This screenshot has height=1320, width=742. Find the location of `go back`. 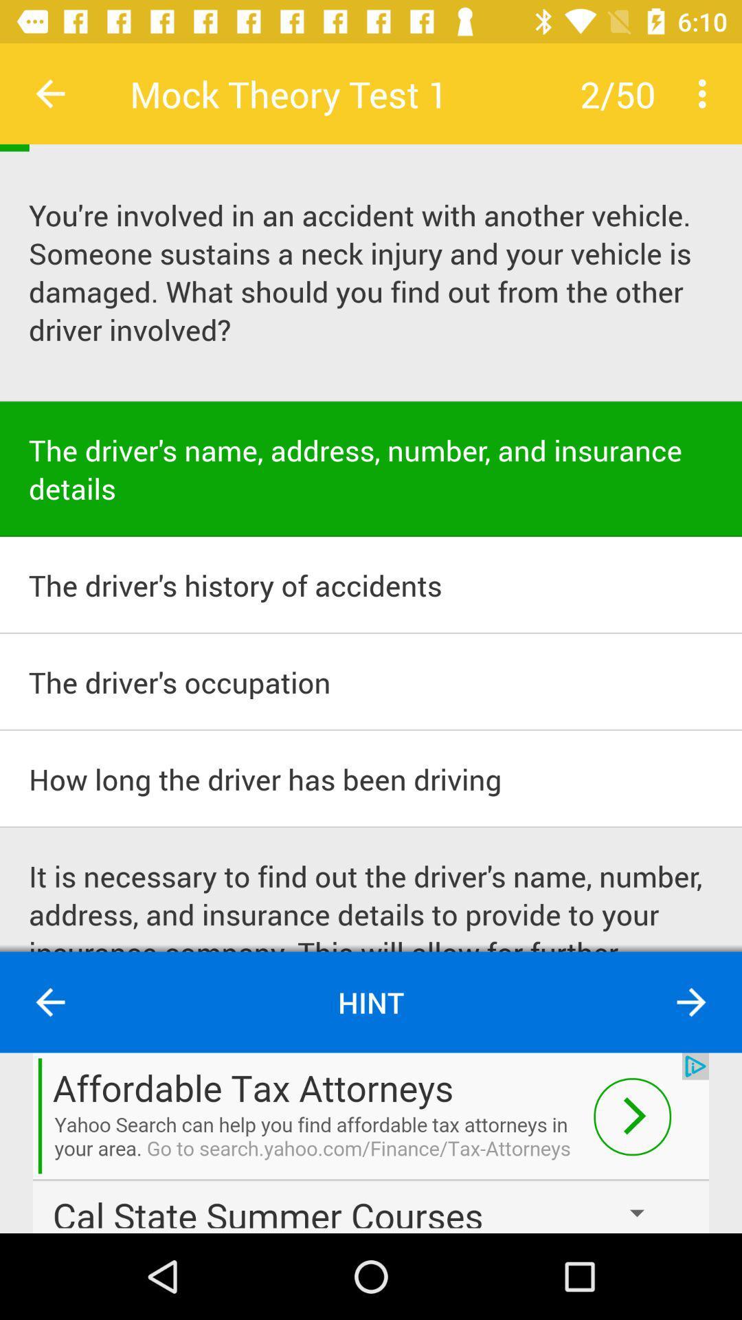

go back is located at coordinates (49, 93).